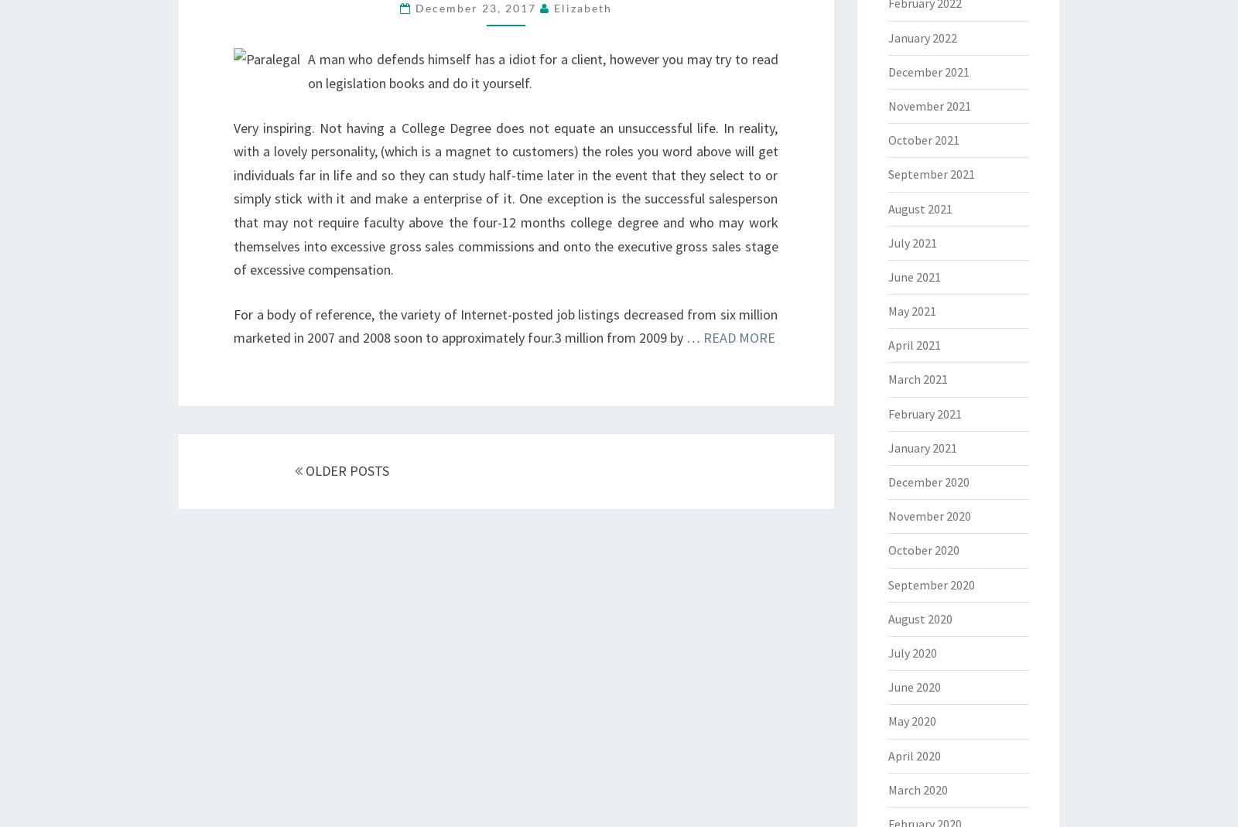 The image size is (1238, 827). I want to click on 'March 2021', so click(887, 378).